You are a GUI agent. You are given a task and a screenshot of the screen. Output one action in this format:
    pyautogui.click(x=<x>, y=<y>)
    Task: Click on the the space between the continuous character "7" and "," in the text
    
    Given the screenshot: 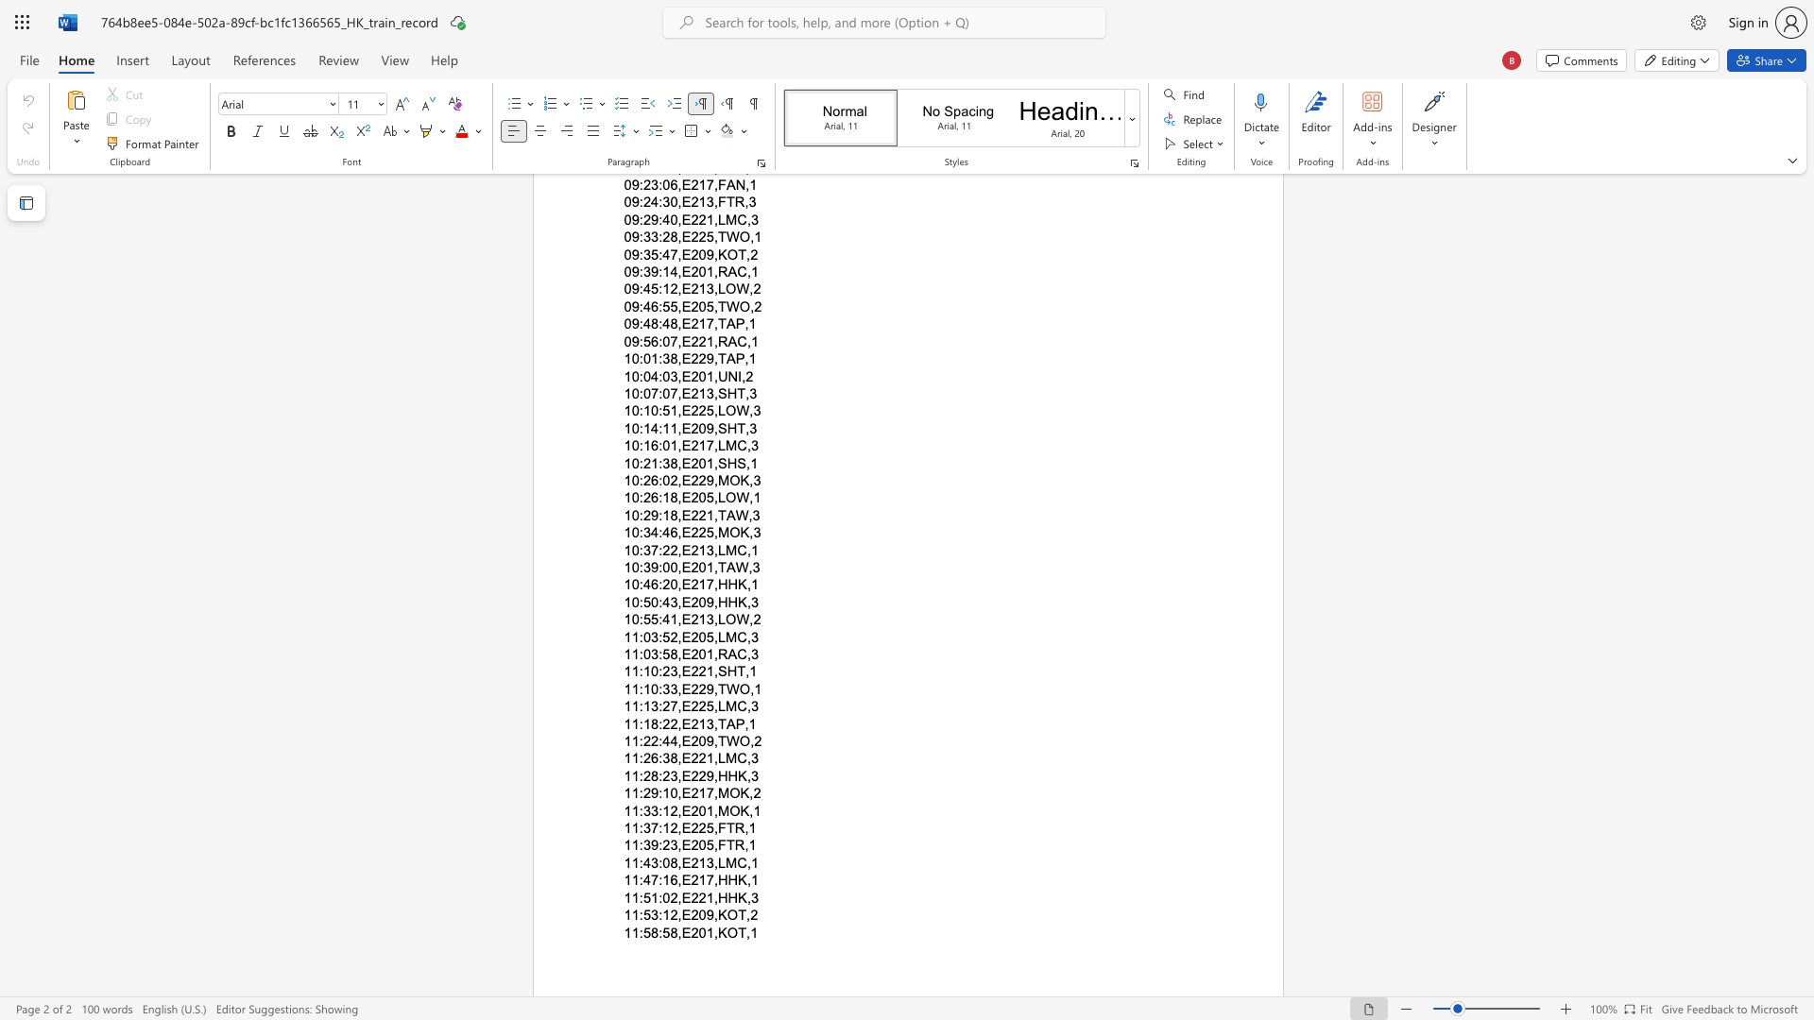 What is the action you would take?
    pyautogui.click(x=711, y=584)
    